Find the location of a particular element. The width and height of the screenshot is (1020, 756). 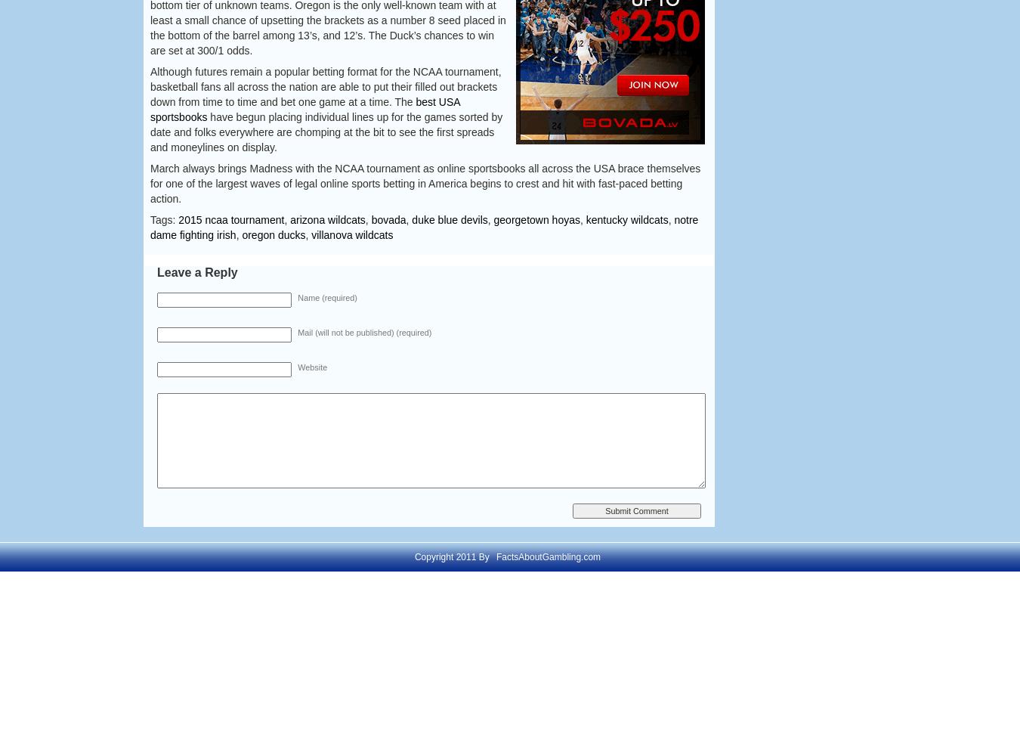

'duke blue devils' is located at coordinates (449, 220).